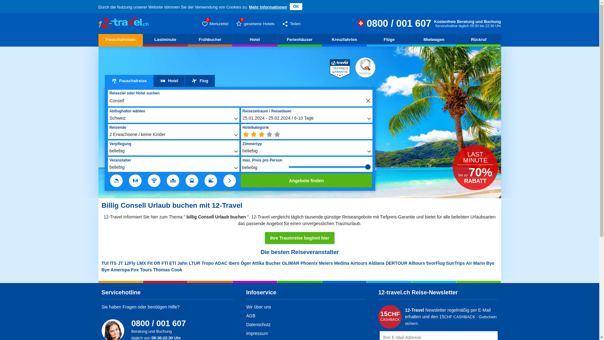 The height and width of the screenshot is (340, 604). I want to click on 'TUI', so click(101, 263).